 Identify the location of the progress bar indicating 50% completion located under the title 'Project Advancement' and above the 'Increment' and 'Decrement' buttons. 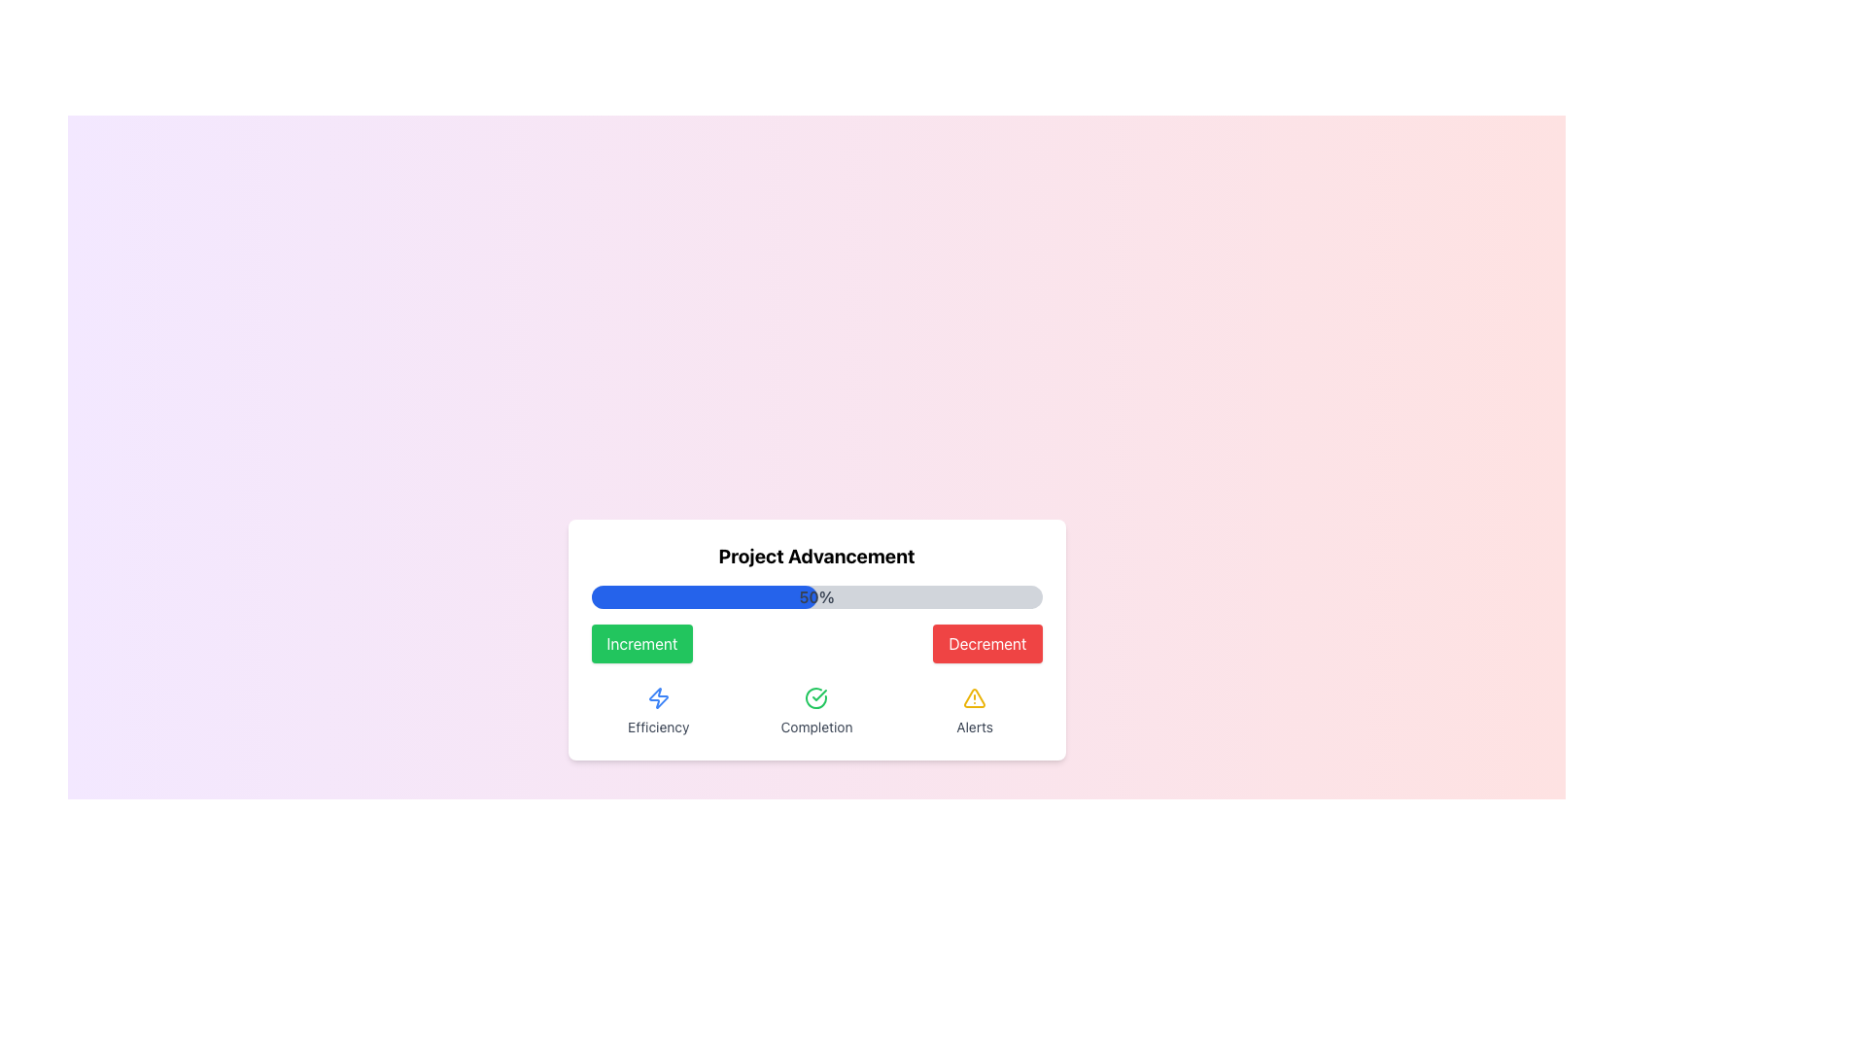
(816, 595).